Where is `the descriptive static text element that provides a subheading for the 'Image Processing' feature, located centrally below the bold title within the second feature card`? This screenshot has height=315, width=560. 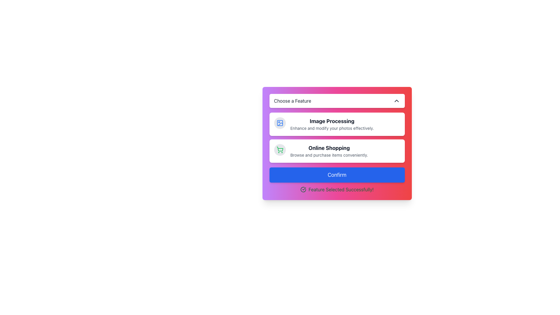 the descriptive static text element that provides a subheading for the 'Image Processing' feature, located centrally below the bold title within the second feature card is located at coordinates (332, 128).